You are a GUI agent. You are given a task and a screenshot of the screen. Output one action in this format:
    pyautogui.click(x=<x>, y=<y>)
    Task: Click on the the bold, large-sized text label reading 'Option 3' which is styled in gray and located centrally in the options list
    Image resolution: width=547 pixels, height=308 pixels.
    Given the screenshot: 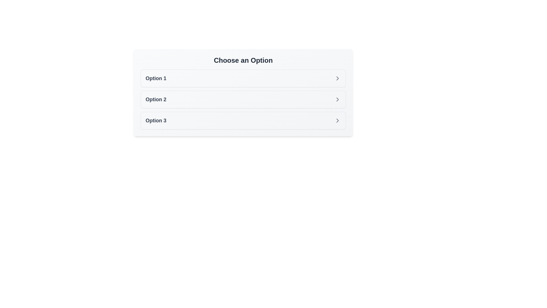 What is the action you would take?
    pyautogui.click(x=156, y=120)
    